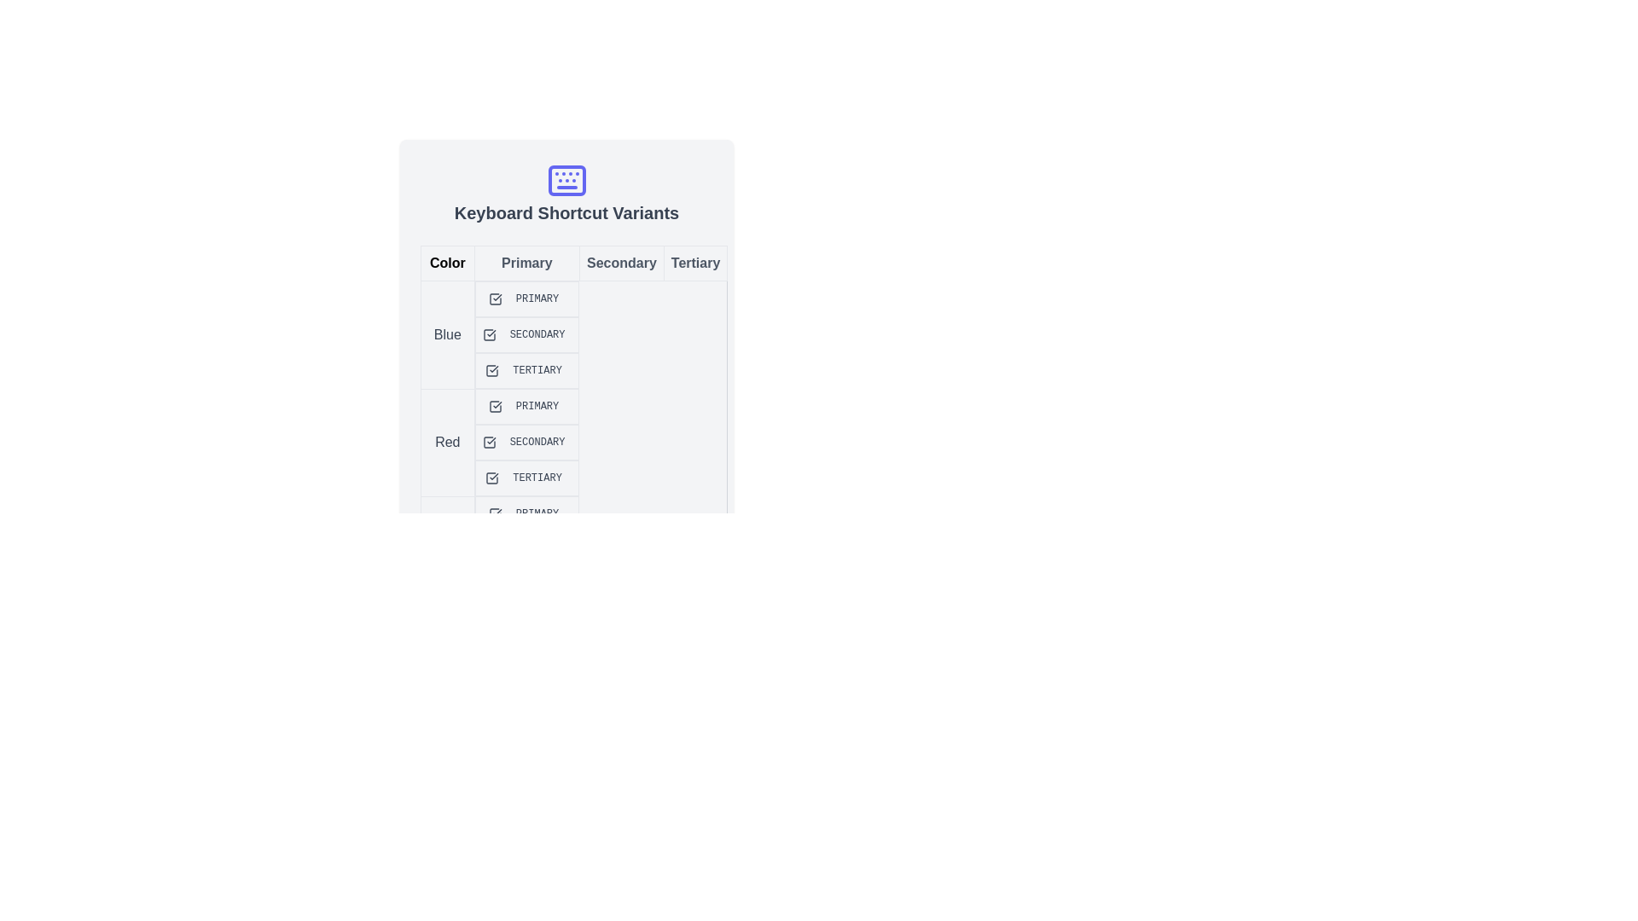 The height and width of the screenshot is (921, 1638). What do you see at coordinates (566, 192) in the screenshot?
I see `the Header with the blue keyboard icon and the text 'Keyboard Shortcut Variants' located at the top-center of the card-like widget` at bounding box center [566, 192].